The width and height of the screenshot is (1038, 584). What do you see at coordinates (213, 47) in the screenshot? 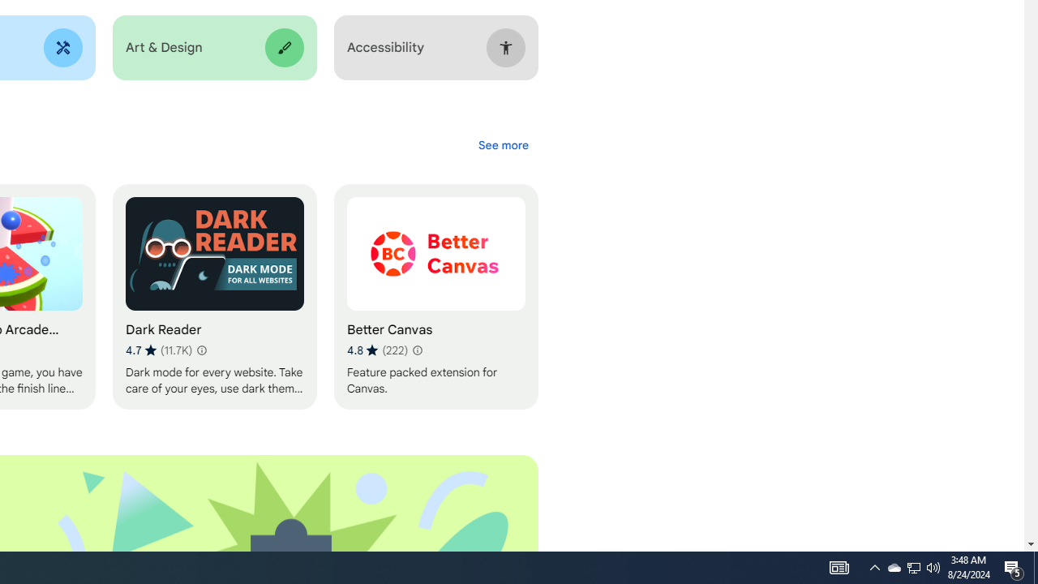
I see `'Art & Design'` at bounding box center [213, 47].